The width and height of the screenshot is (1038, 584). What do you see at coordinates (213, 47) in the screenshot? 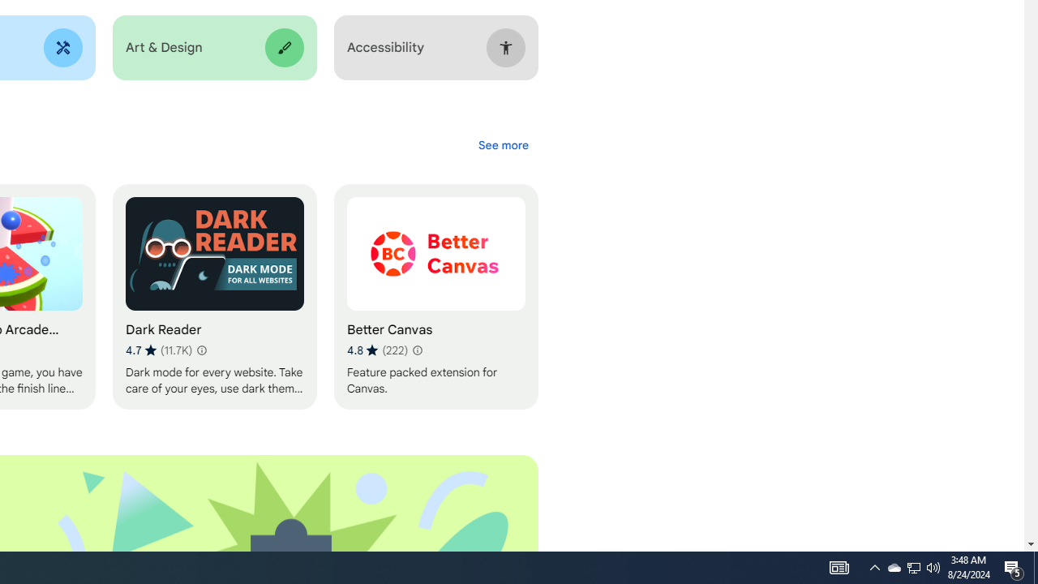
I see `'Art & Design'` at bounding box center [213, 47].